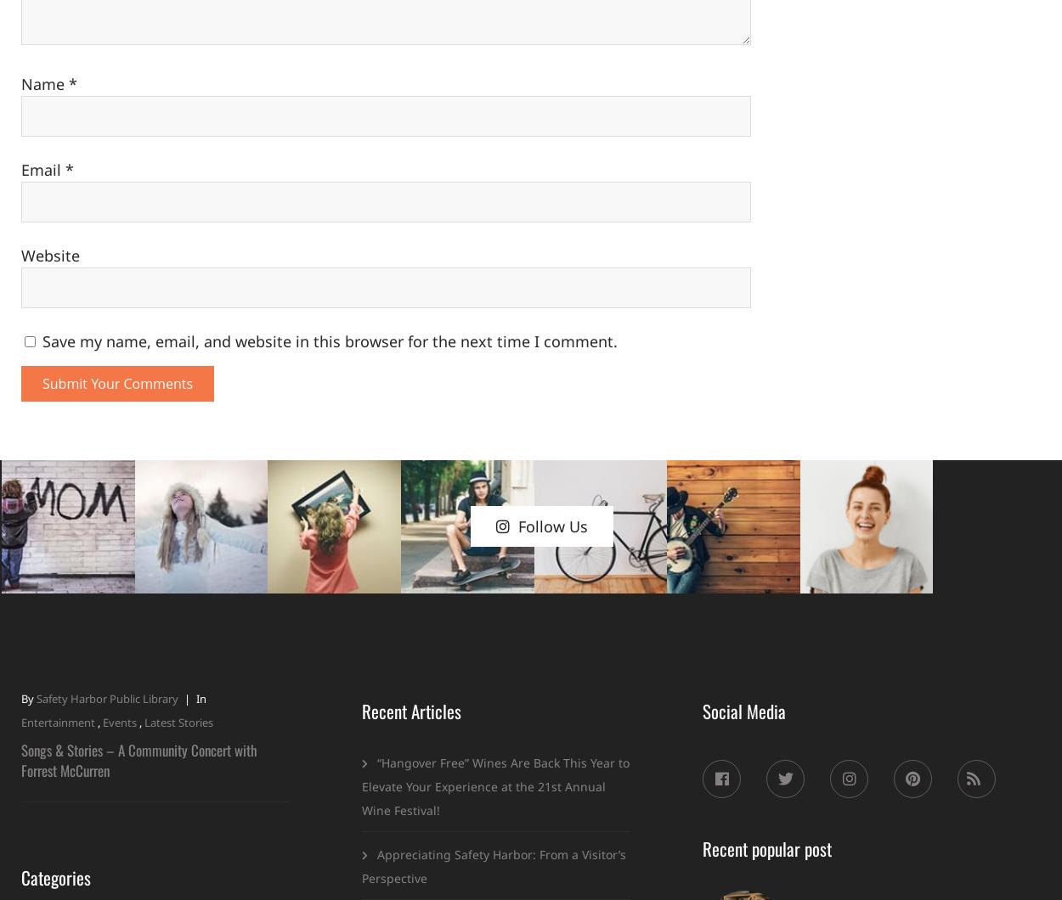 Image resolution: width=1062 pixels, height=900 pixels. What do you see at coordinates (40, 710) in the screenshot?
I see `'Latest'` at bounding box center [40, 710].